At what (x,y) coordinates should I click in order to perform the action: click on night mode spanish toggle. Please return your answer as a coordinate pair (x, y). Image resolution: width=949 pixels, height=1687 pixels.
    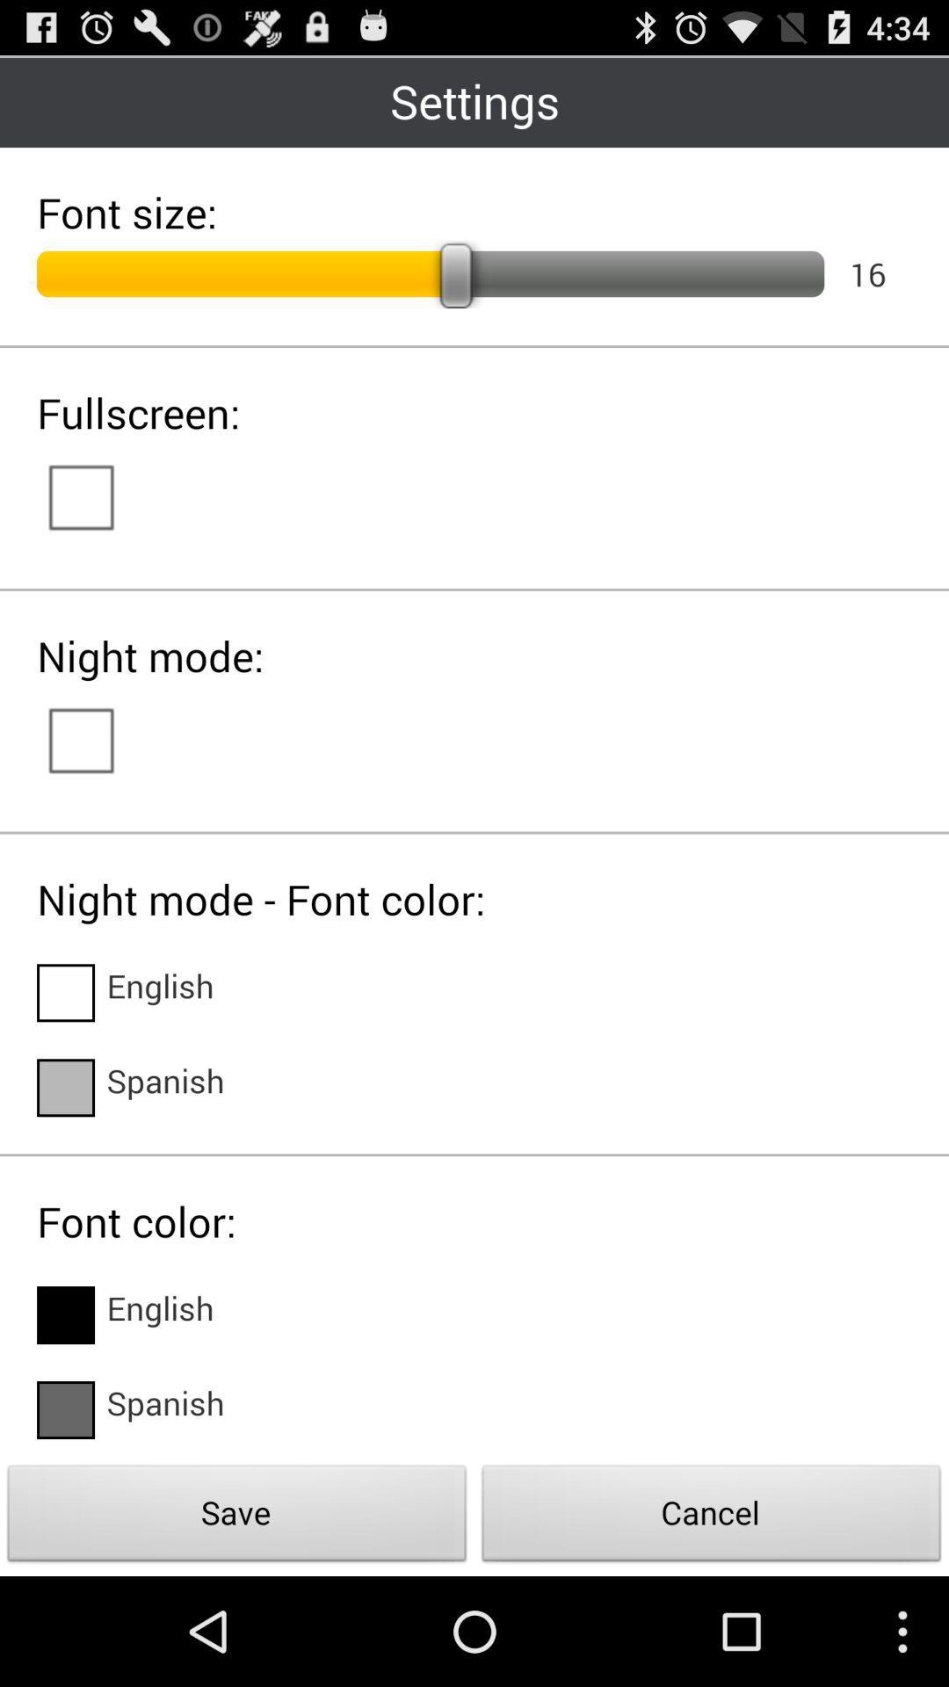
    Looking at the image, I should click on (64, 1087).